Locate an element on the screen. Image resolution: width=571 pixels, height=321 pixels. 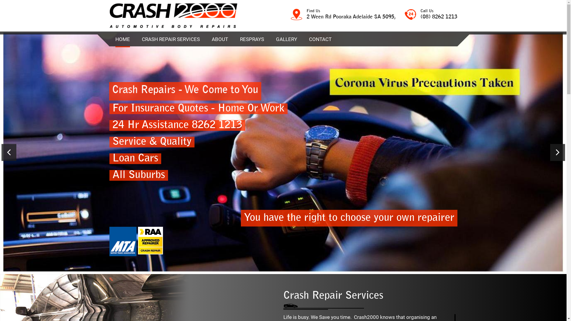
'RESPRAYS' is located at coordinates (252, 39).